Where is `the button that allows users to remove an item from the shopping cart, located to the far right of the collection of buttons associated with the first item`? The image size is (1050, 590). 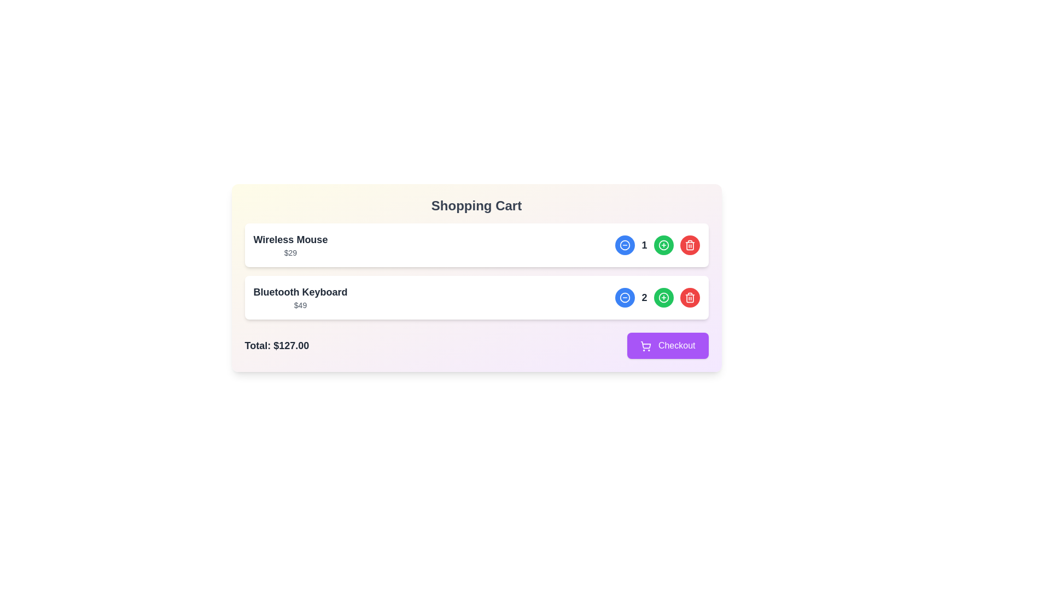
the button that allows users to remove an item from the shopping cart, located to the far right of the collection of buttons associated with the first item is located at coordinates (689, 244).